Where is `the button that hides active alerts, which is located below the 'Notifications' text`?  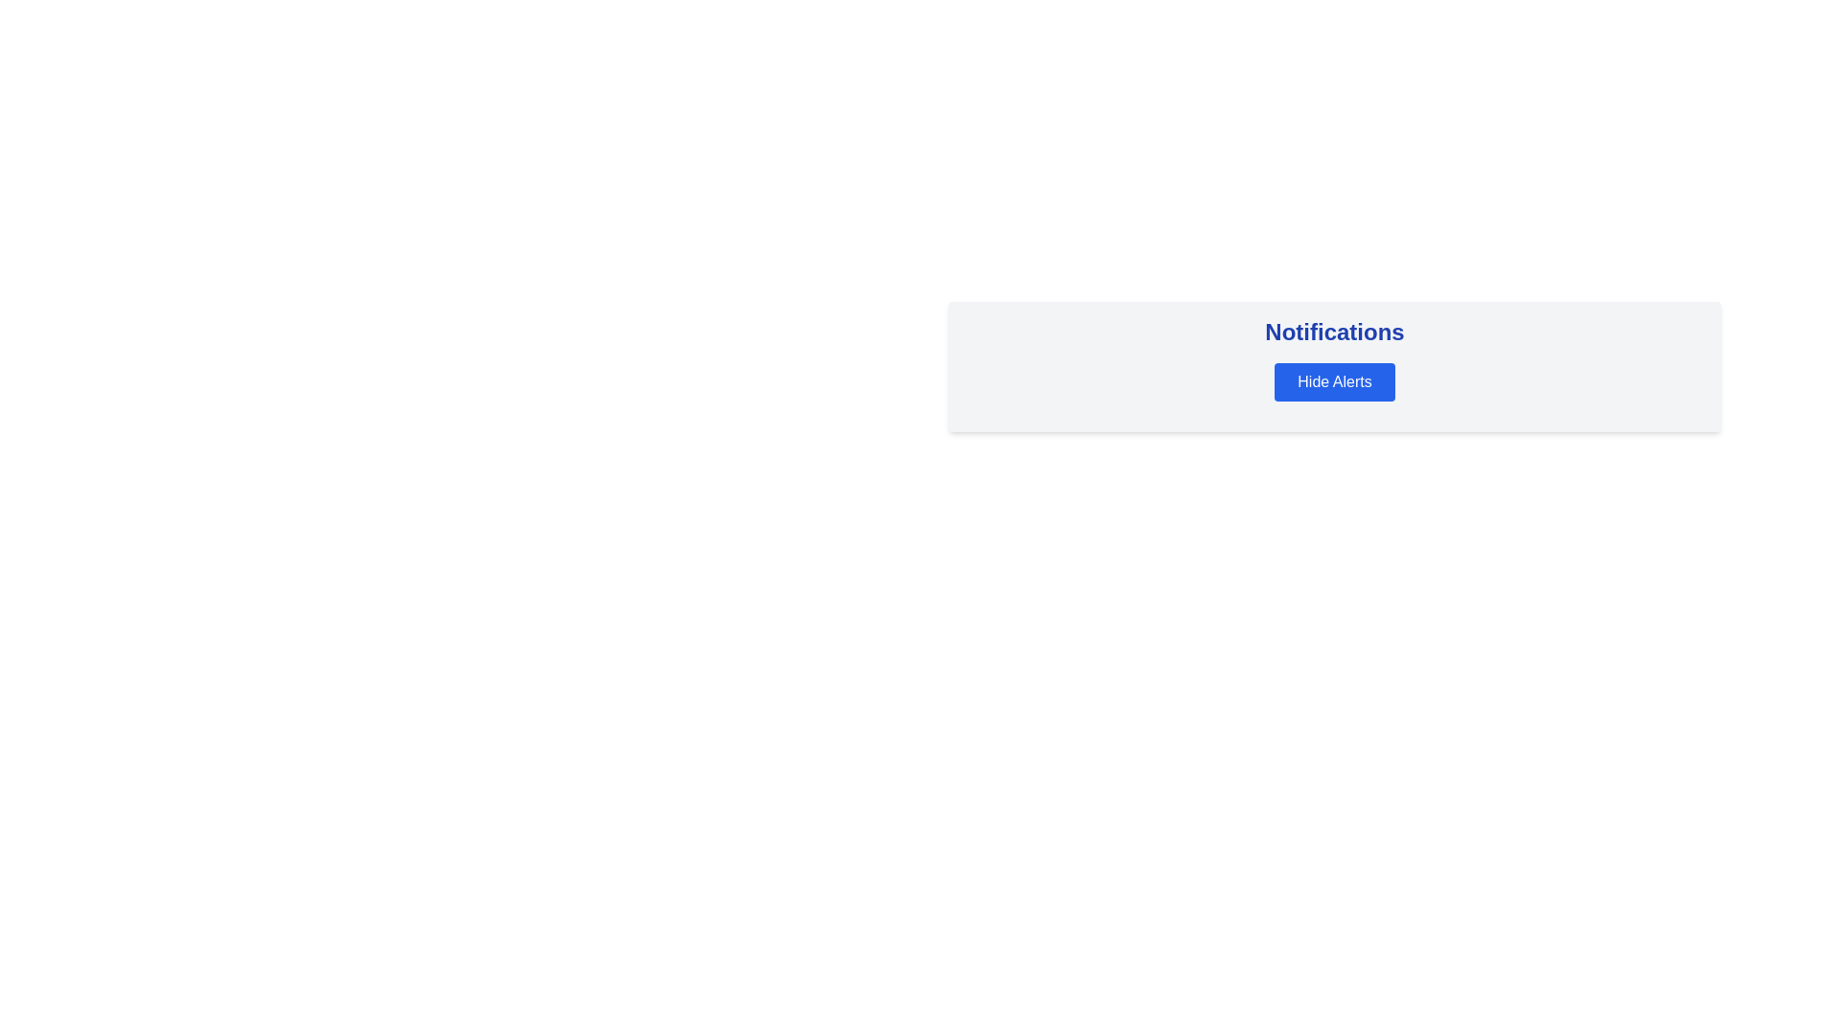 the button that hides active alerts, which is located below the 'Notifications' text is located at coordinates (1333, 381).